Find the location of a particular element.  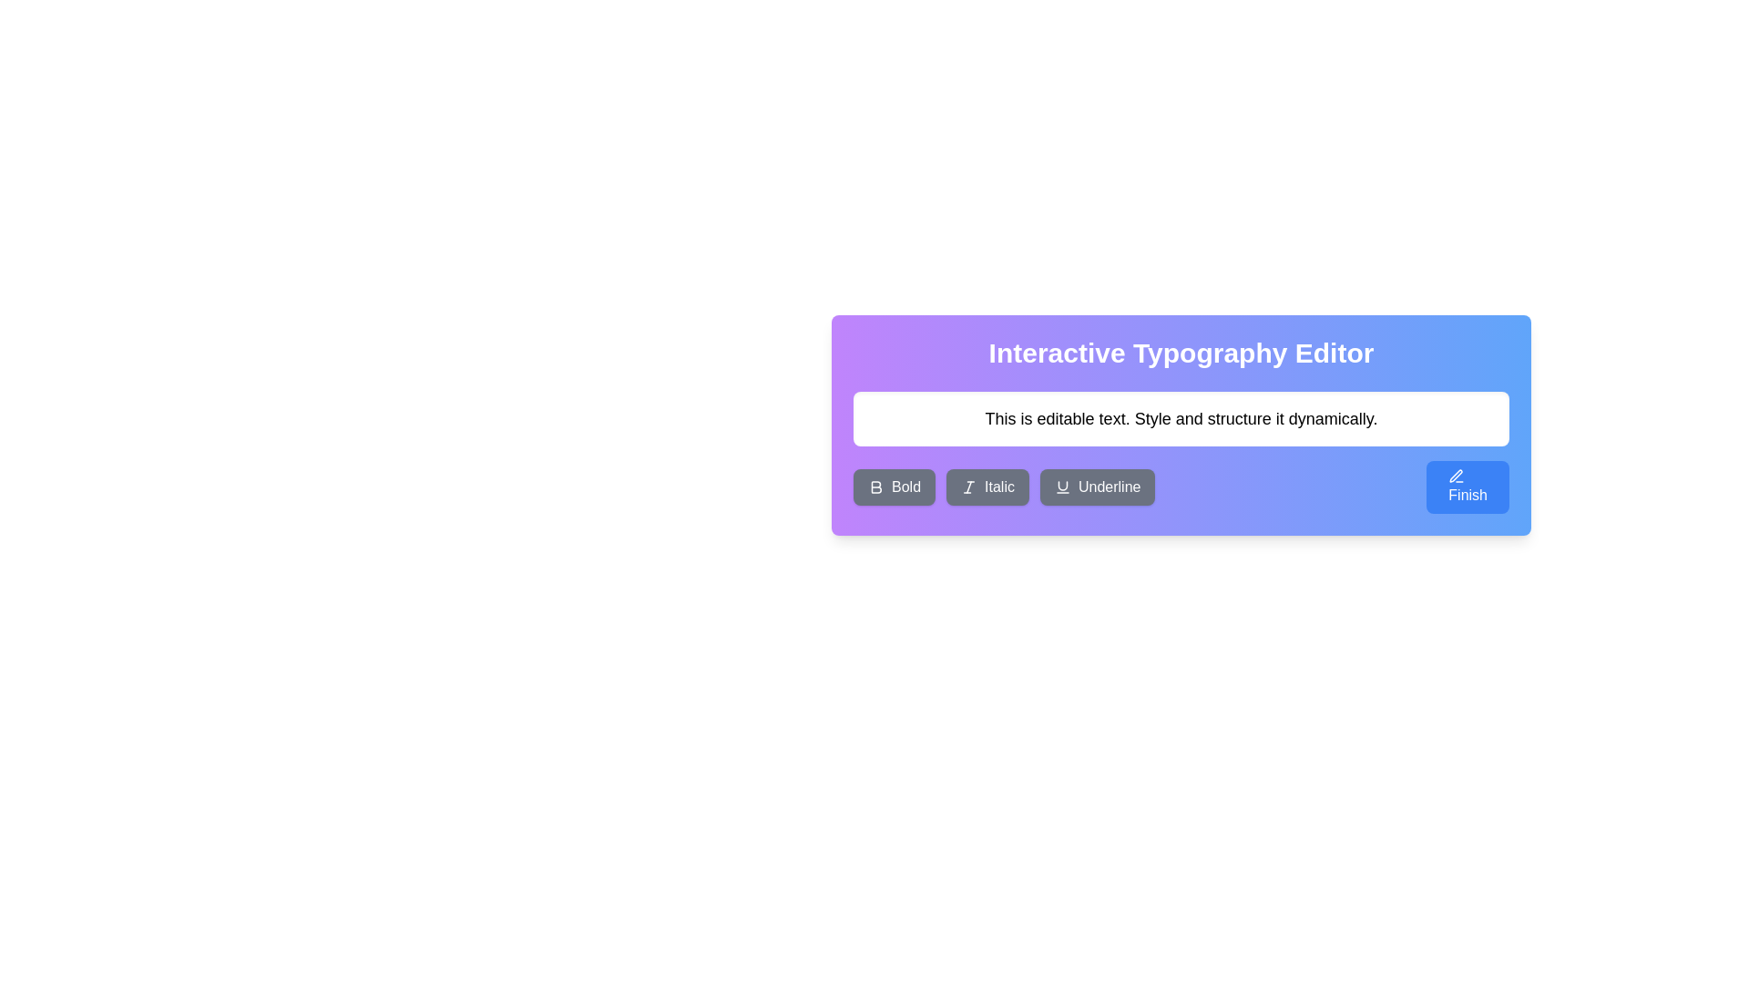

the editing icon located to the right of the 'Finish' button, which has a blue background and rounded corners, to initiate an edit action is located at coordinates (1456, 476).